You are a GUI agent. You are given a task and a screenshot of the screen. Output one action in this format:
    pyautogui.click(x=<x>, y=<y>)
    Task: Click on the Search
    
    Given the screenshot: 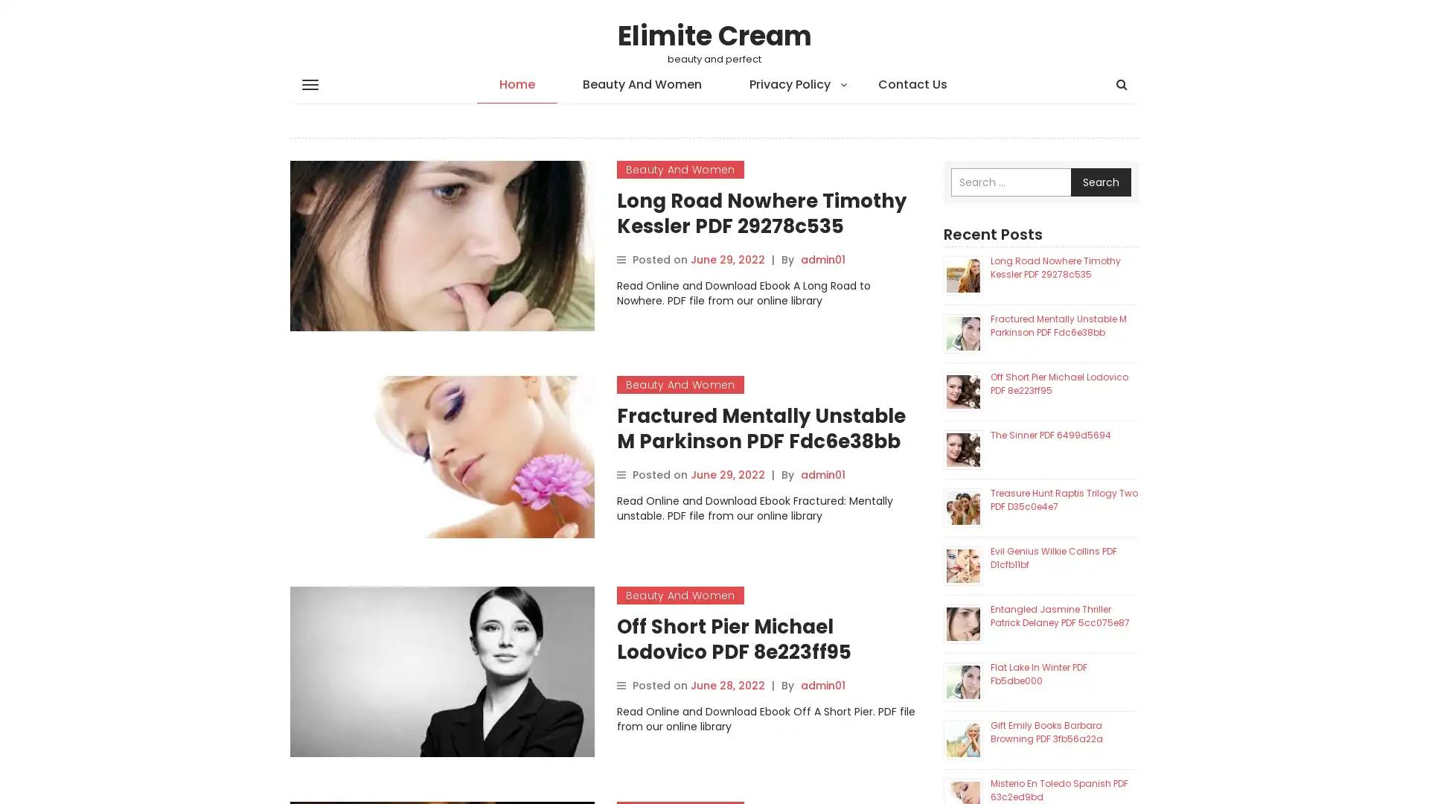 What is the action you would take?
    pyautogui.click(x=1101, y=182)
    